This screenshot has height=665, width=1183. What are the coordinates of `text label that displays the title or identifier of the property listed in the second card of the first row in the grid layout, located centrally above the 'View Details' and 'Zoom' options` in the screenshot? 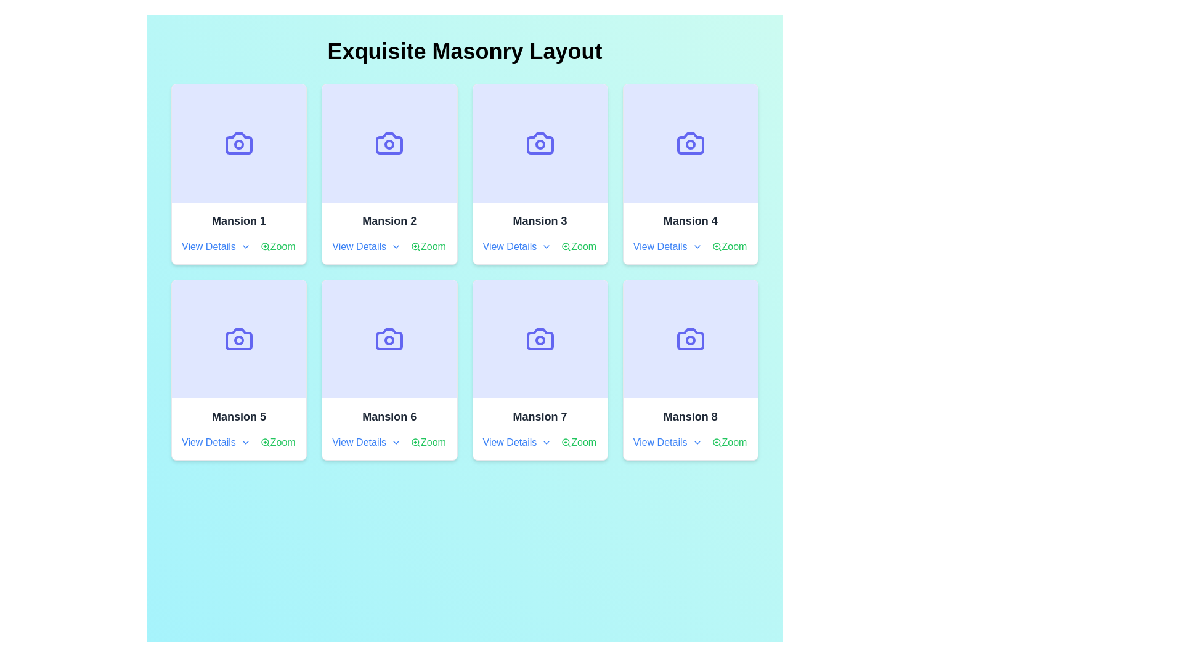 It's located at (389, 220).